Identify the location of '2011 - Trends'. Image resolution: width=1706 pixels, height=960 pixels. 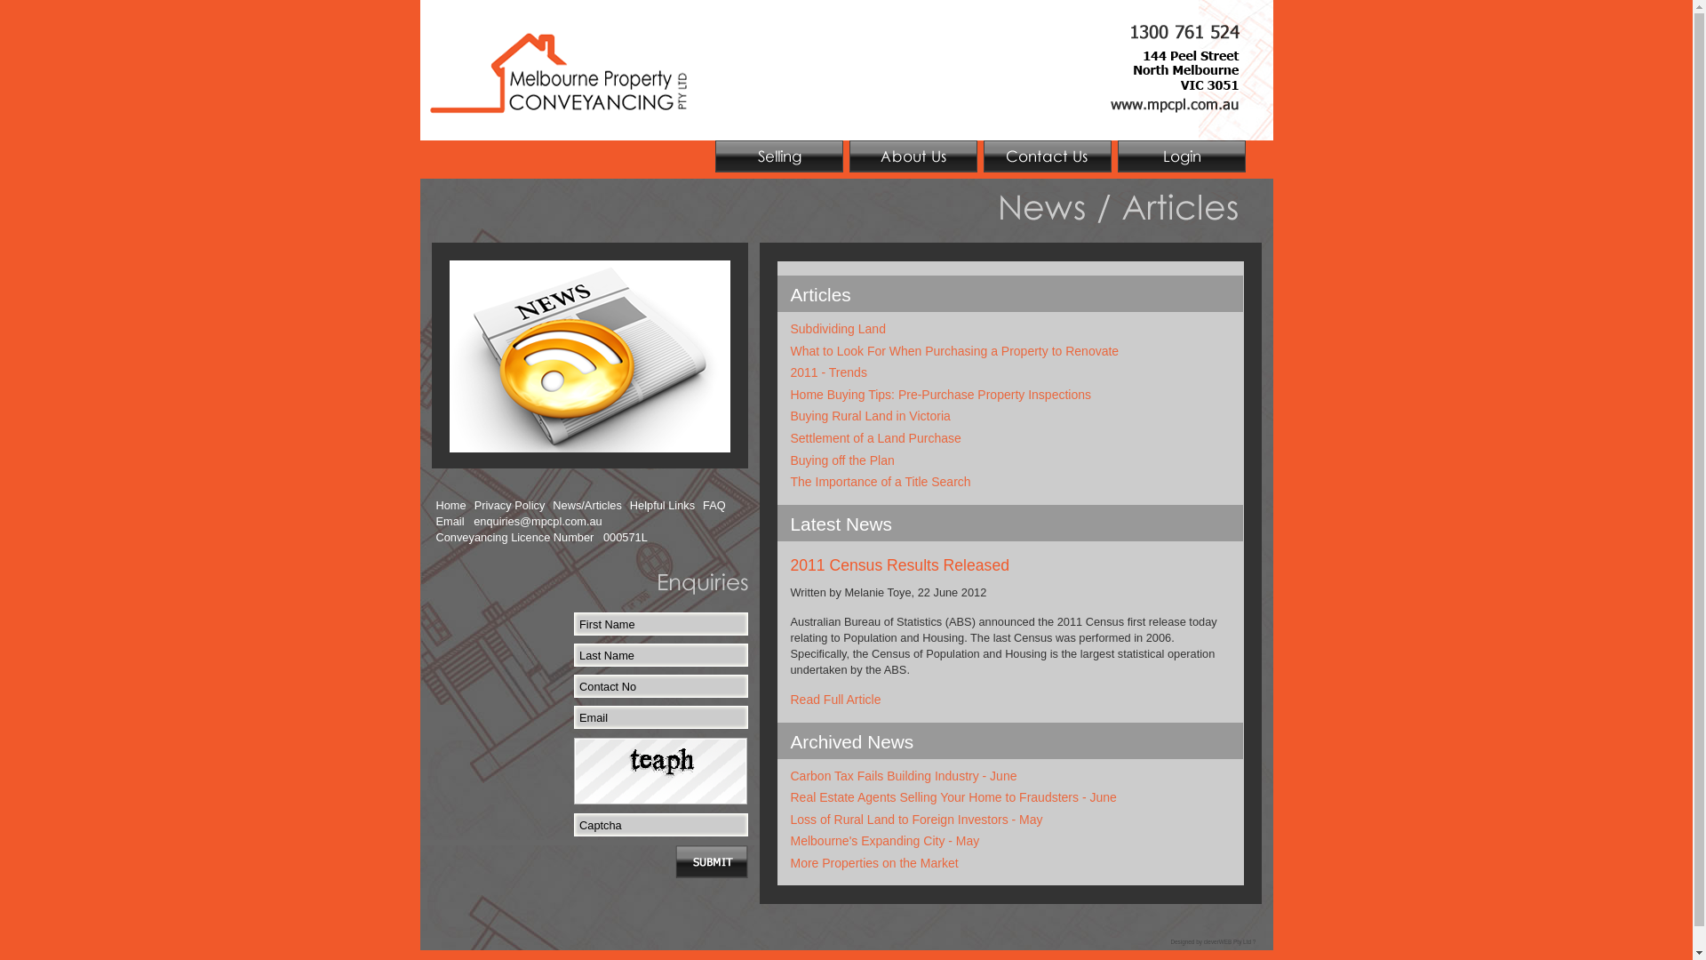
(827, 372).